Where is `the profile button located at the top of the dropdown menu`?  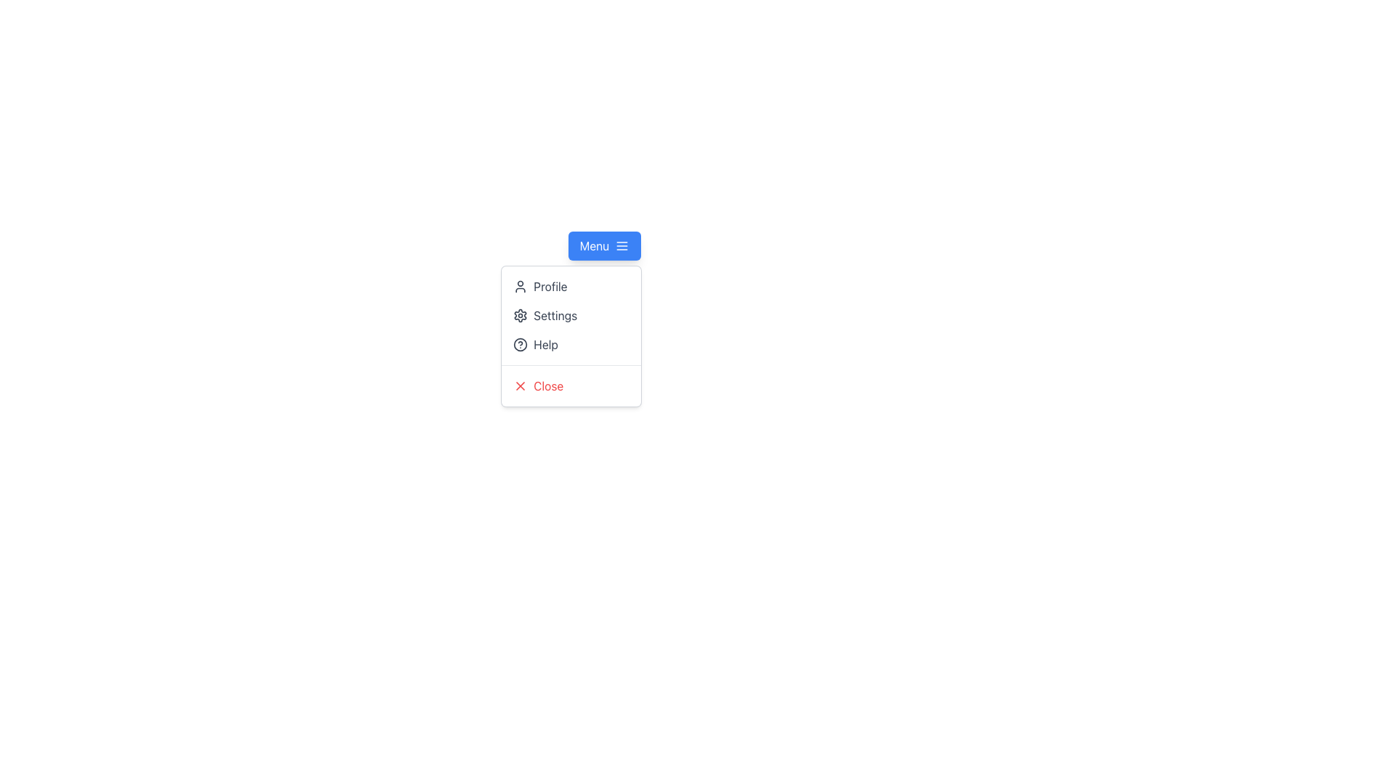 the profile button located at the top of the dropdown menu is located at coordinates (571, 286).